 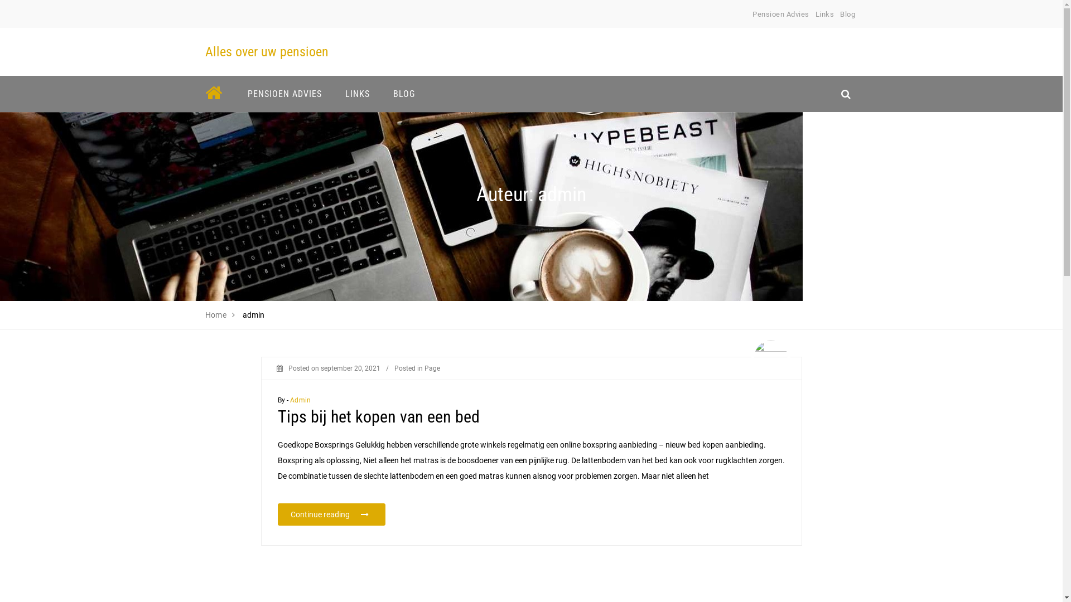 I want to click on 'Tips bij het kopen van een bed', so click(x=378, y=416).